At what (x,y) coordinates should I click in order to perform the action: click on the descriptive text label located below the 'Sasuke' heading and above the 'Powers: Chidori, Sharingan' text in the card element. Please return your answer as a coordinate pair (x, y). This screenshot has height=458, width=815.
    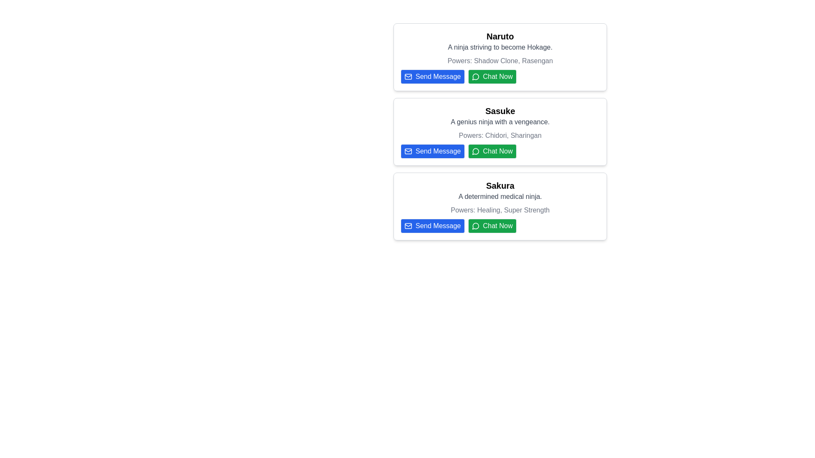
    Looking at the image, I should click on (500, 122).